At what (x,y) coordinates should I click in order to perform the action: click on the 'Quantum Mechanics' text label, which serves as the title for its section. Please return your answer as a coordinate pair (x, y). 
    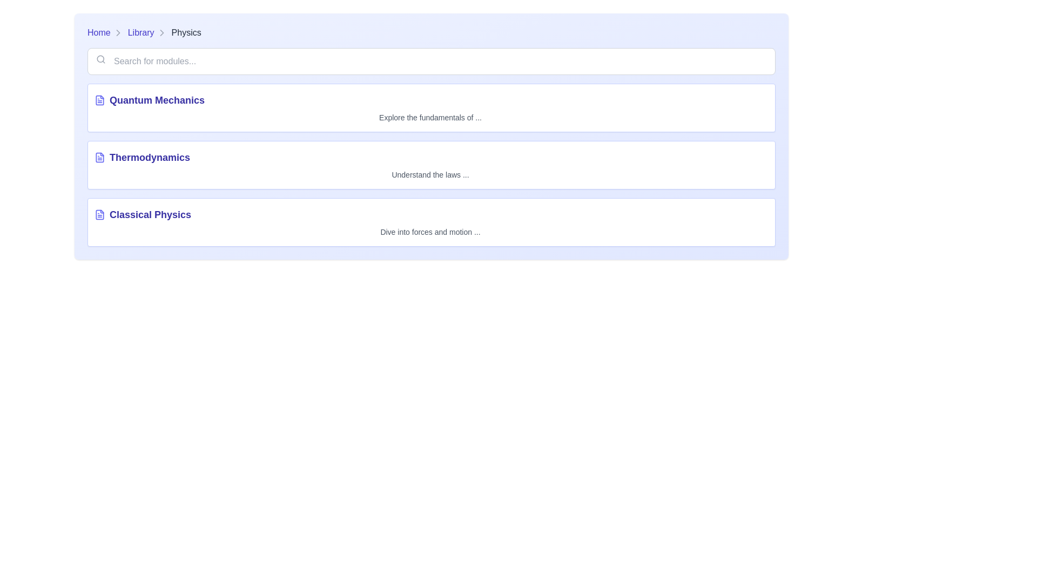
    Looking at the image, I should click on (157, 100).